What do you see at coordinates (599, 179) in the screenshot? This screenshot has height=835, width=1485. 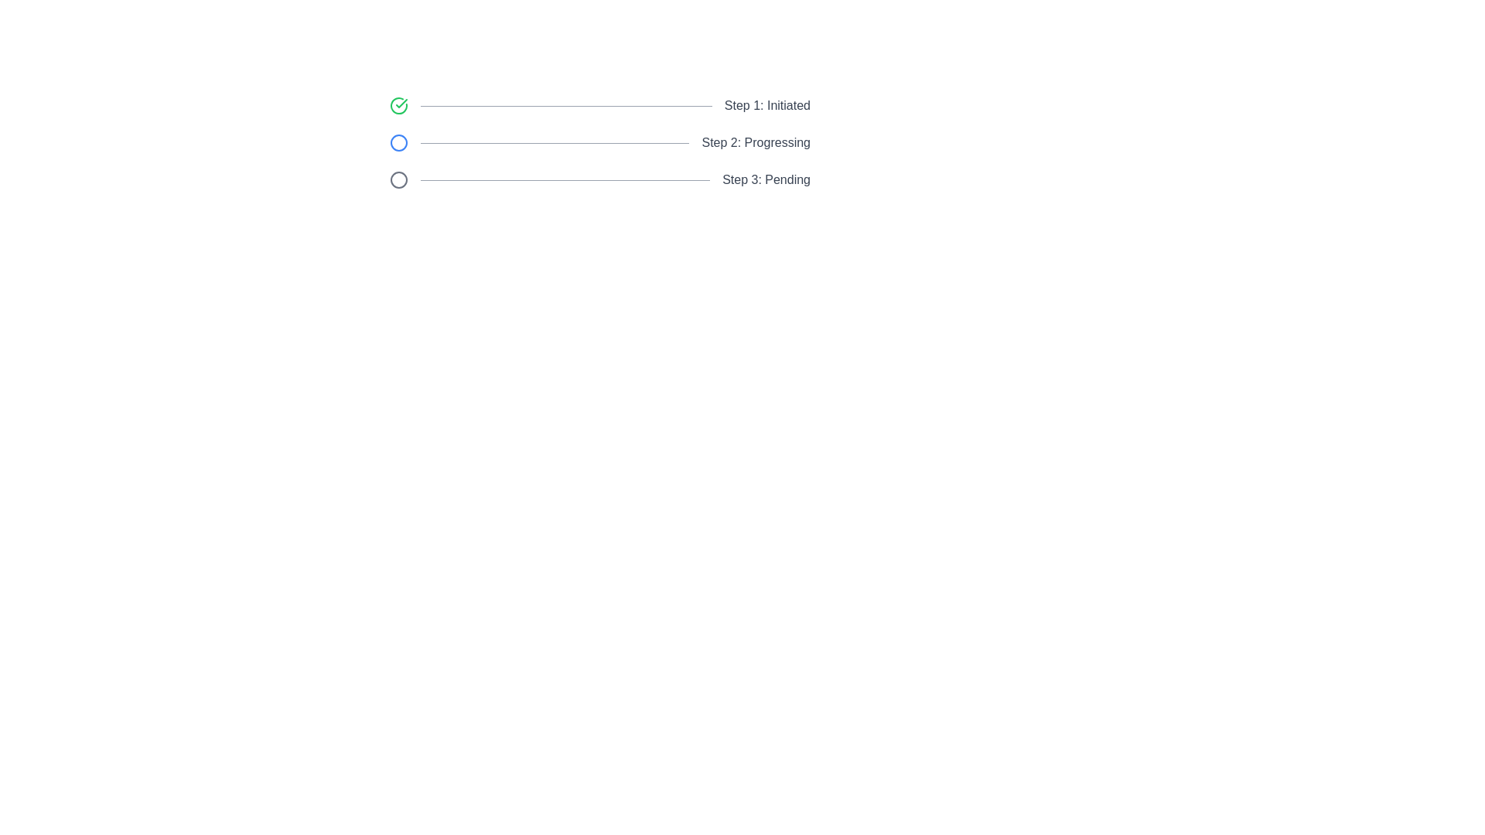 I see `the third element of the Progress step indicator labeled 'Step 3: Pending'` at bounding box center [599, 179].